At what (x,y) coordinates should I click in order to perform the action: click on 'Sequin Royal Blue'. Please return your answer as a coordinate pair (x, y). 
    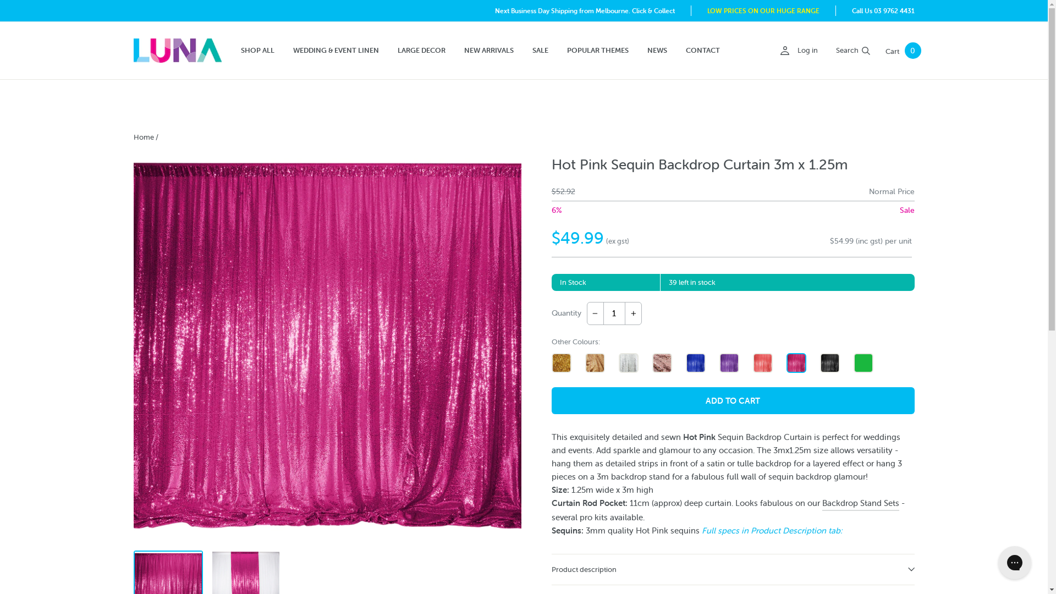
    Looking at the image, I should click on (694, 362).